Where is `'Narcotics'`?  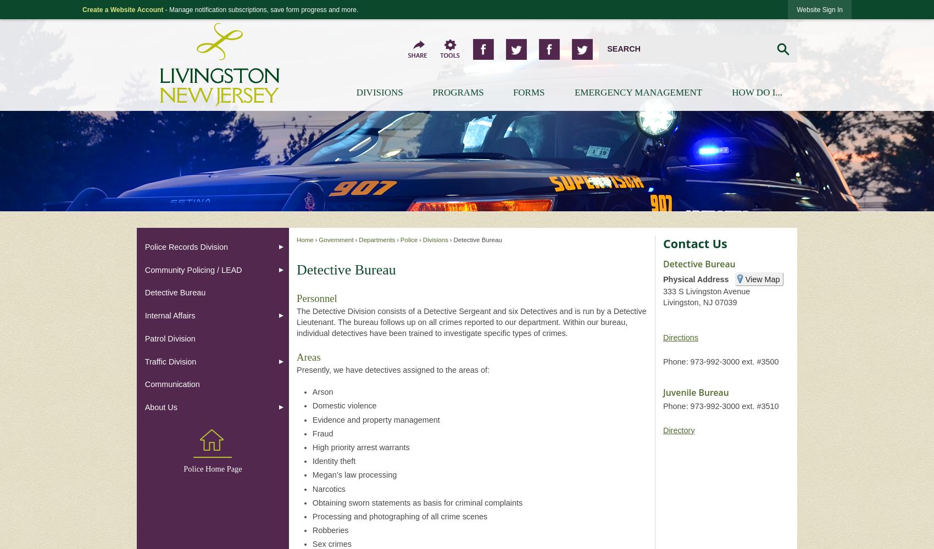 'Narcotics' is located at coordinates (311, 489).